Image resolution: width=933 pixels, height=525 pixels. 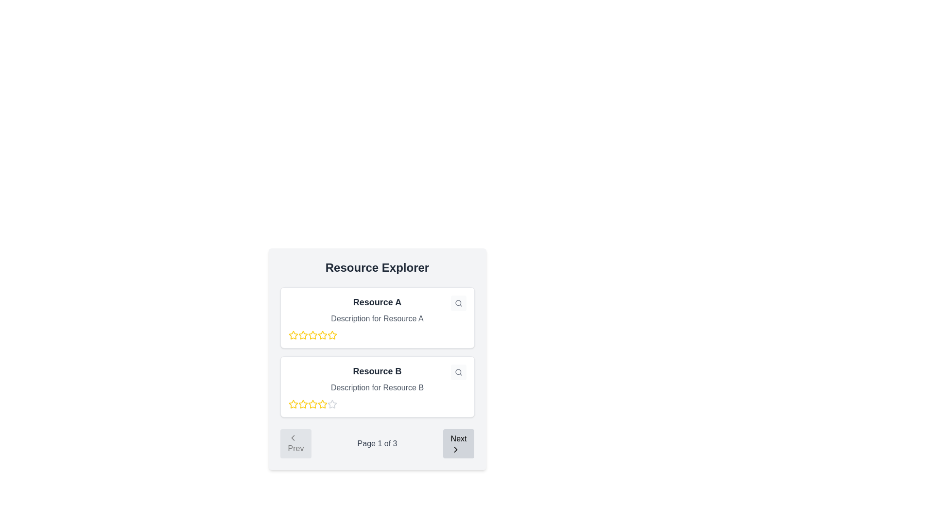 I want to click on the leftward-facing chevron arrow icon within the 'Prev' button, so click(x=292, y=438).